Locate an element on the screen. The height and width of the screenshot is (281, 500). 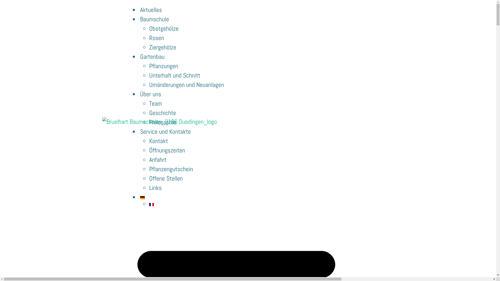
'Pflanzengutschein' is located at coordinates (171, 169).